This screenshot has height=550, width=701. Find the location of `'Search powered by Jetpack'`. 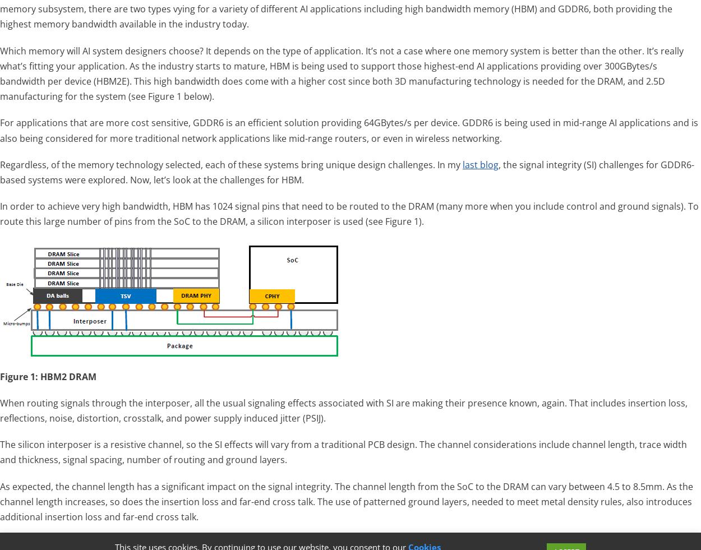

'Search powered by Jetpack' is located at coordinates (318, 533).